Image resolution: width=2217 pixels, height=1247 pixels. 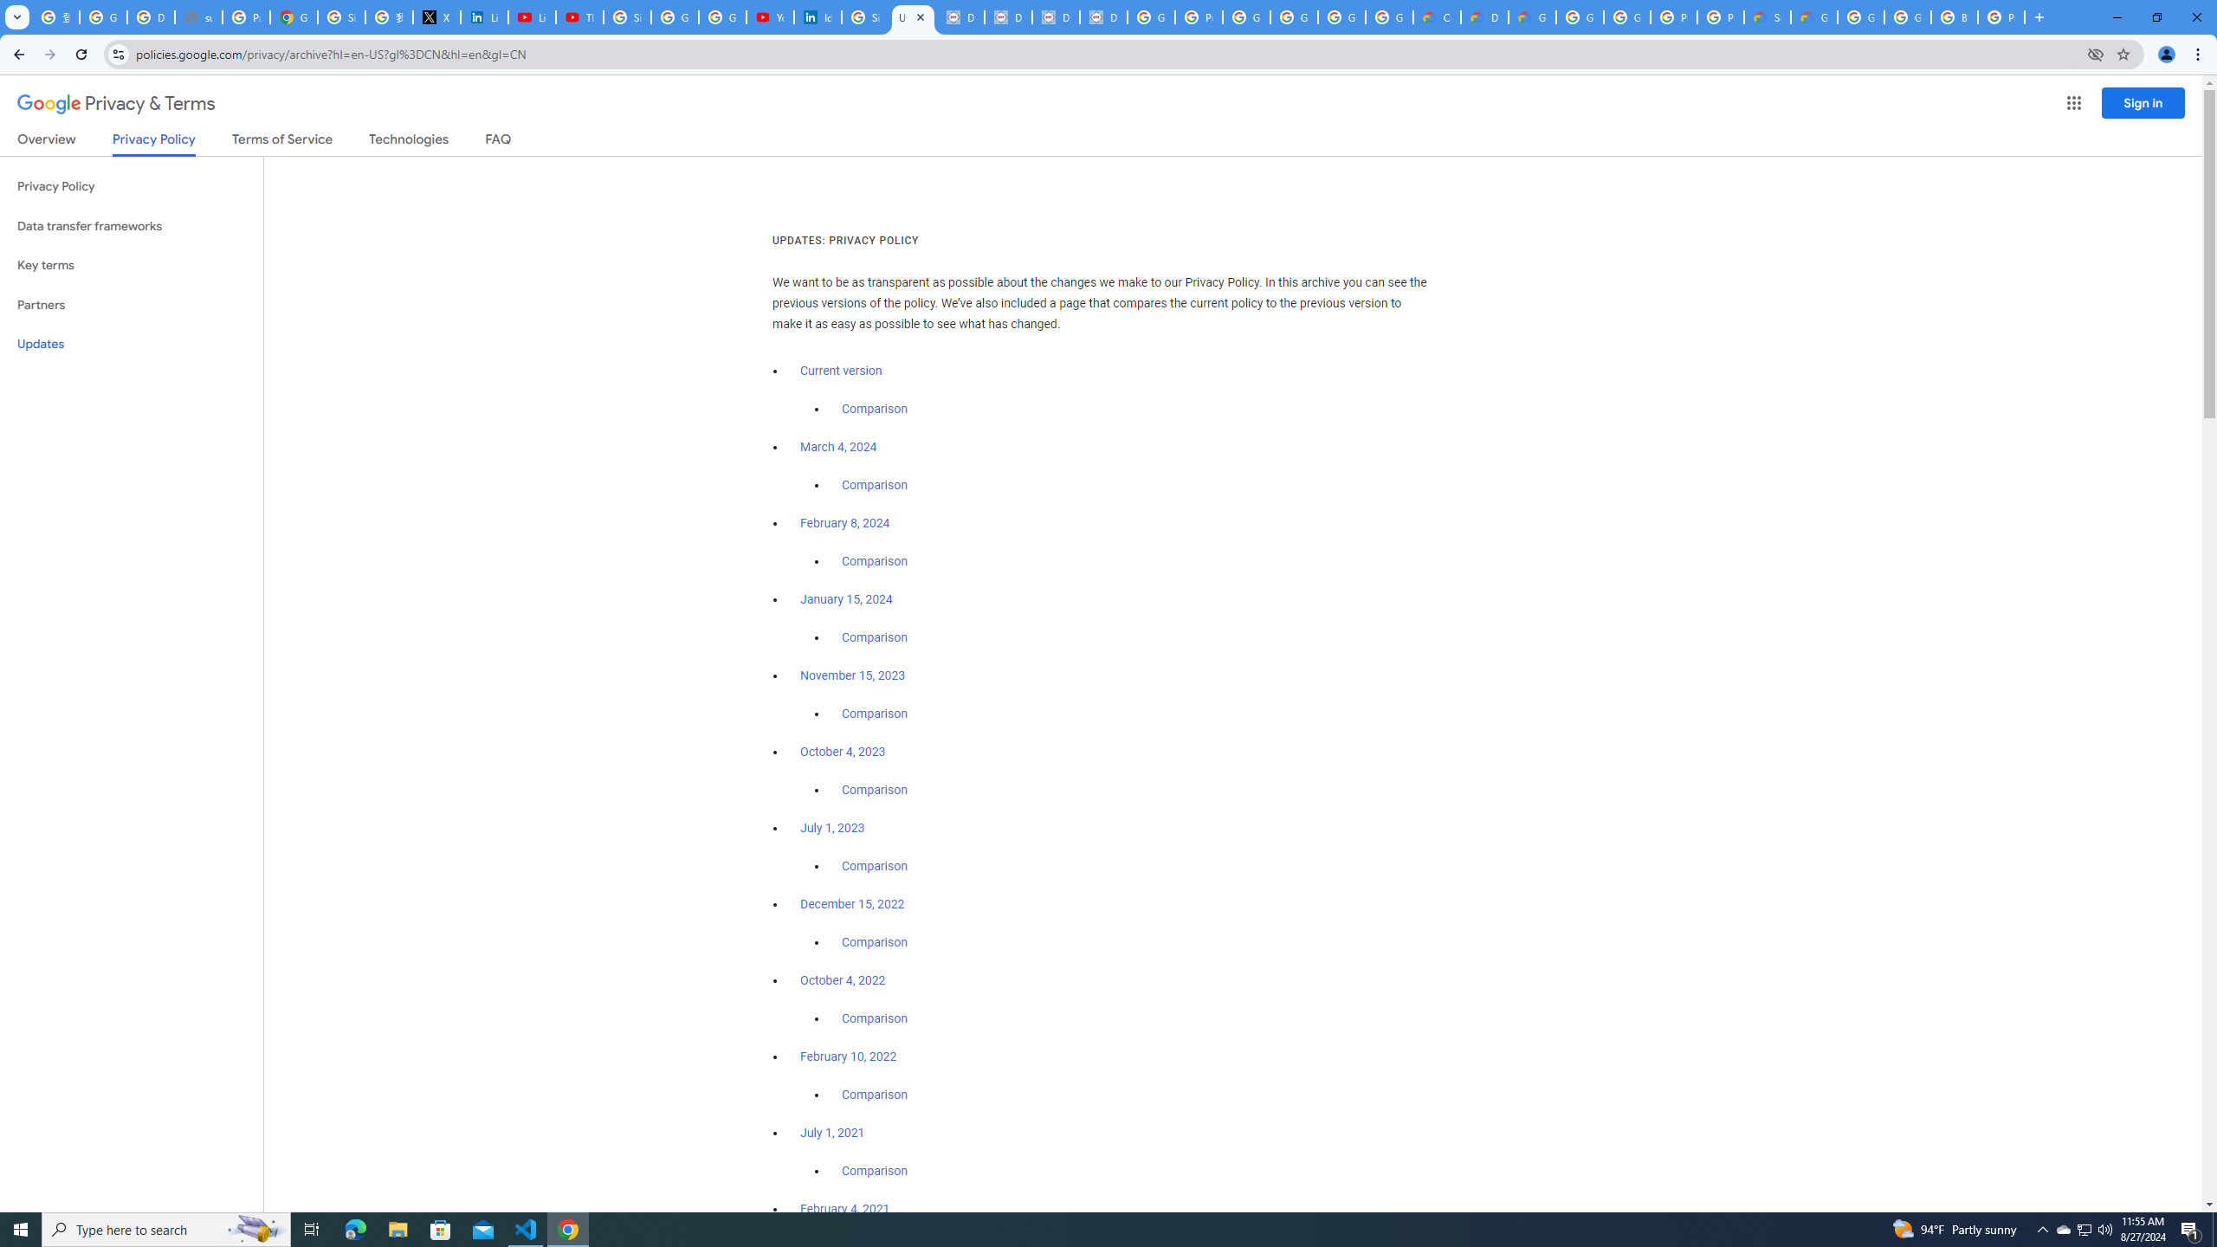 I want to click on 'February 4, 2021', so click(x=844, y=1208).